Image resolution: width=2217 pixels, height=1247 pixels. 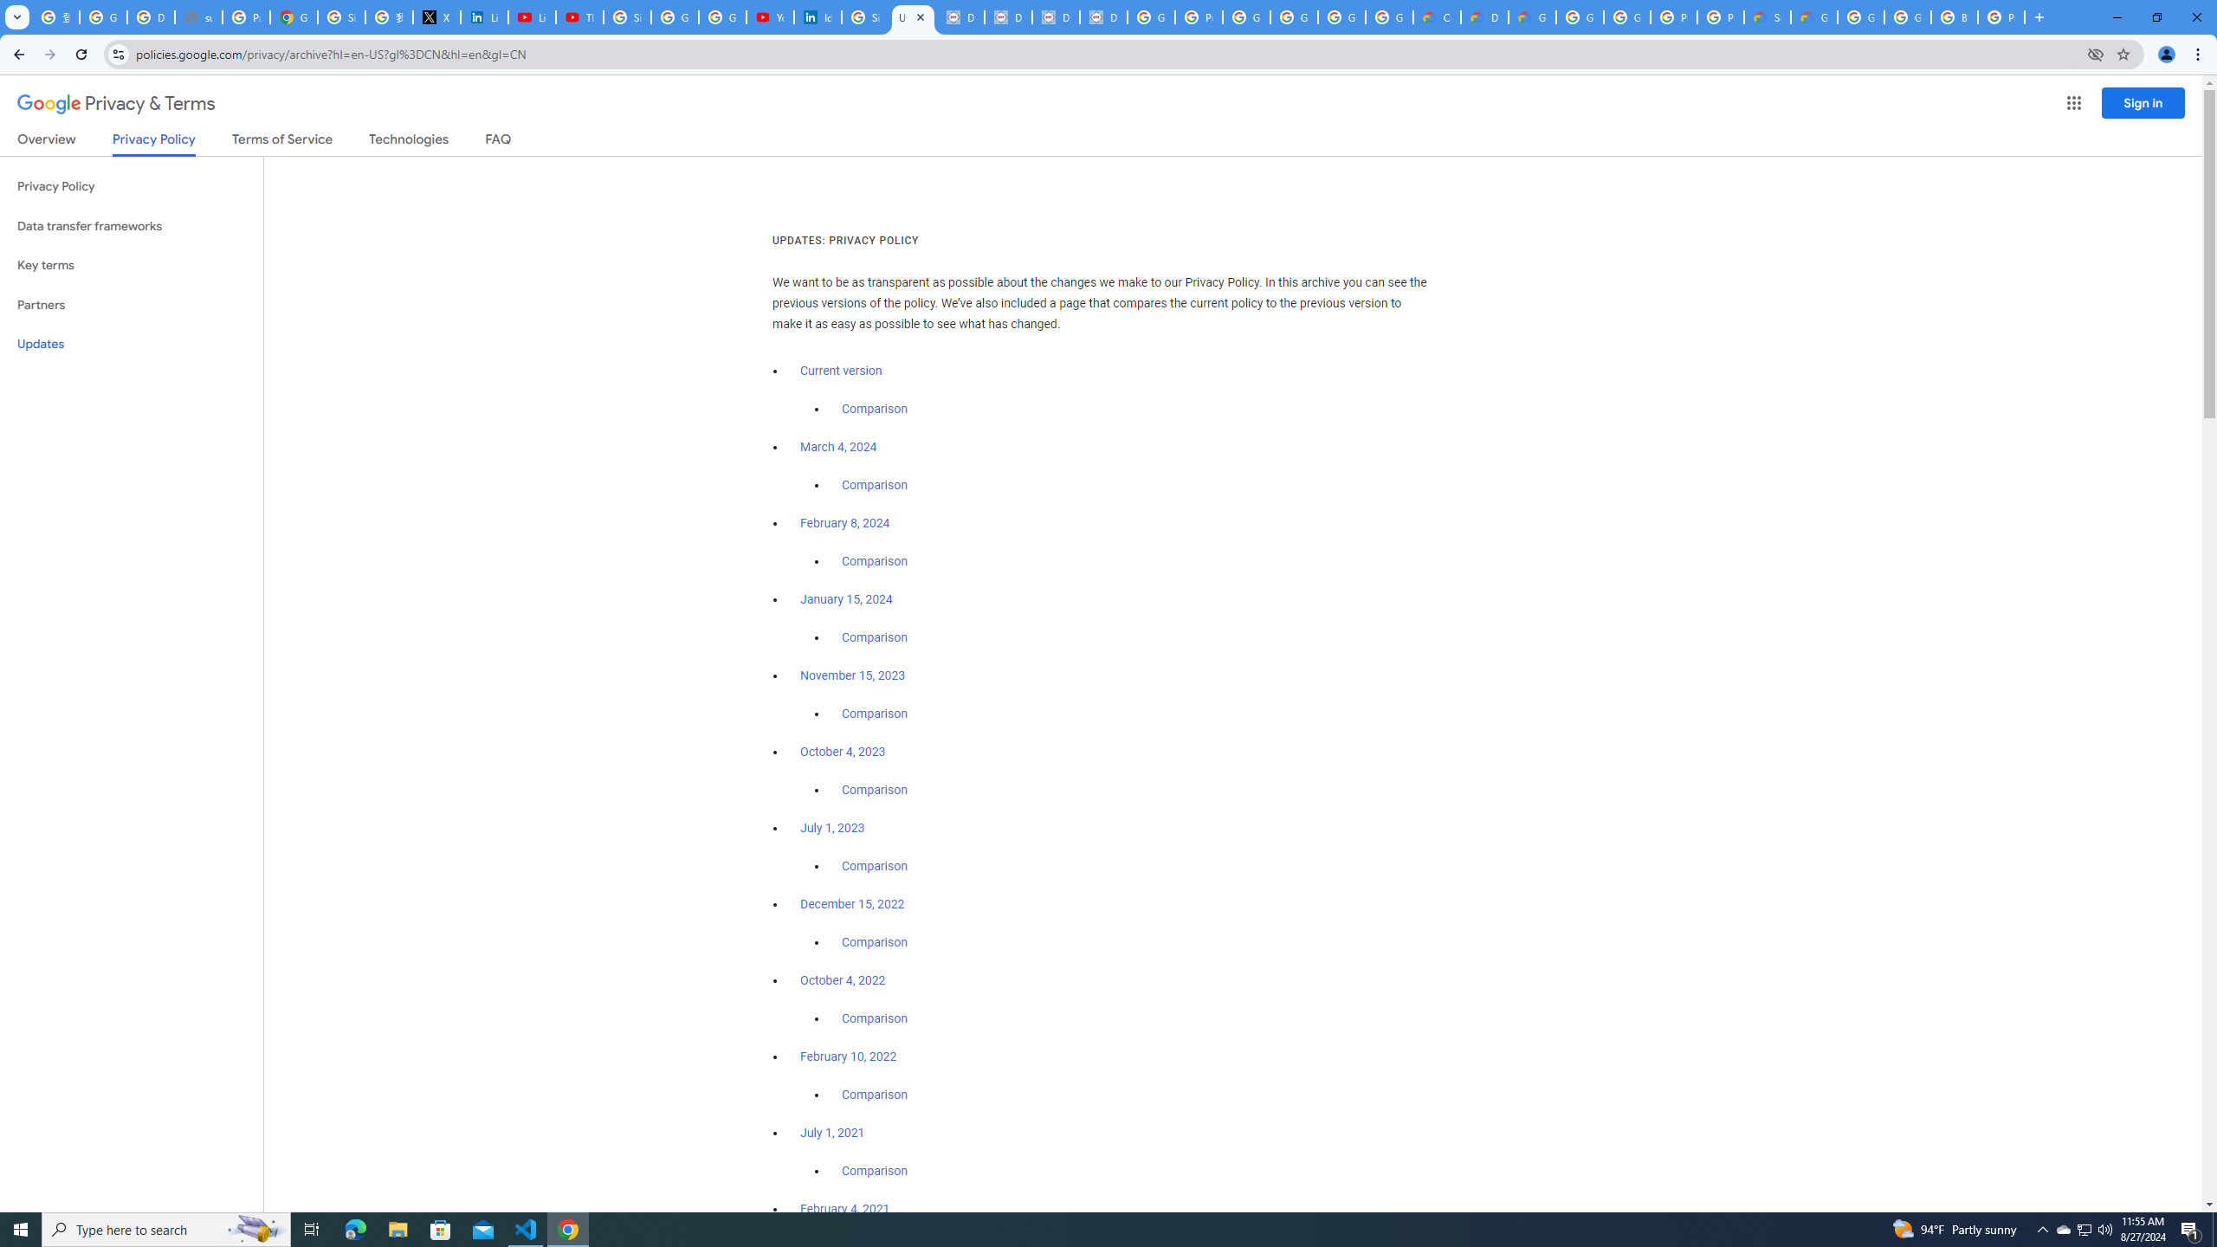 I want to click on 'February 4, 2021', so click(x=844, y=1208).